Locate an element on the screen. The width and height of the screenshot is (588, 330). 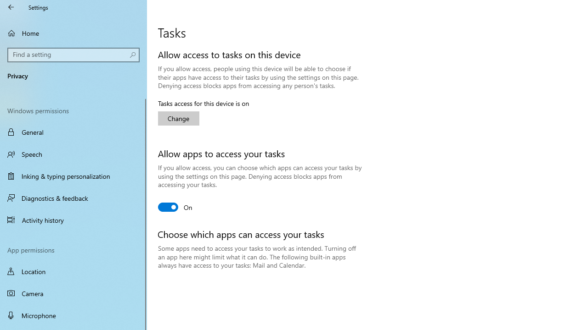
'Diagnostics & feedback' is located at coordinates (73, 198).